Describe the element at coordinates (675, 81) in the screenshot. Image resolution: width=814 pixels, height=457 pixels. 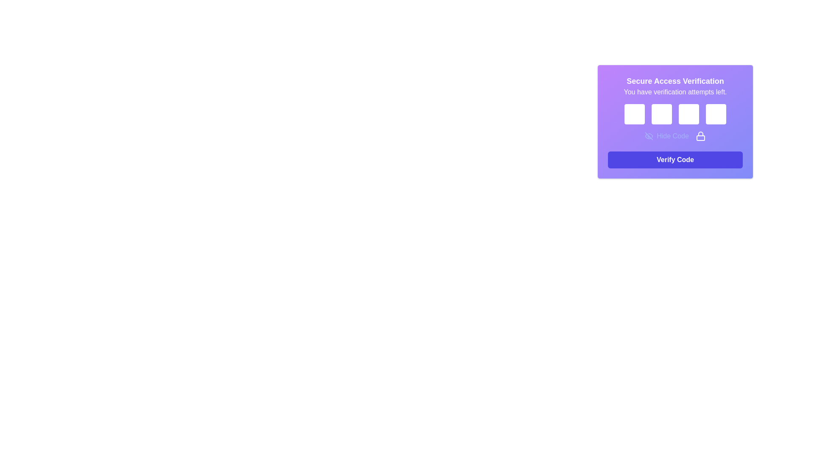
I see `the bold title text label 'Secure Access Verification' located at the top of a purple gradient background UI card` at that location.